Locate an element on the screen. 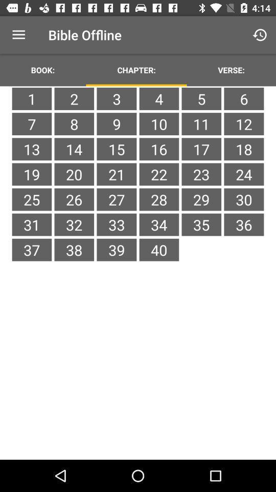 The height and width of the screenshot is (492, 276). item above 39 is located at coordinates (159, 224).